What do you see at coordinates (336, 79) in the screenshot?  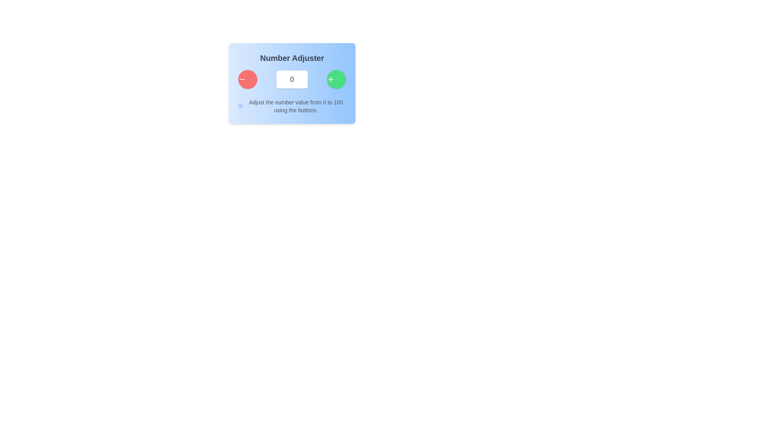 I see `the round green button with a white plus symbol in the center to increment the value in the 'Number Adjuster' panel` at bounding box center [336, 79].